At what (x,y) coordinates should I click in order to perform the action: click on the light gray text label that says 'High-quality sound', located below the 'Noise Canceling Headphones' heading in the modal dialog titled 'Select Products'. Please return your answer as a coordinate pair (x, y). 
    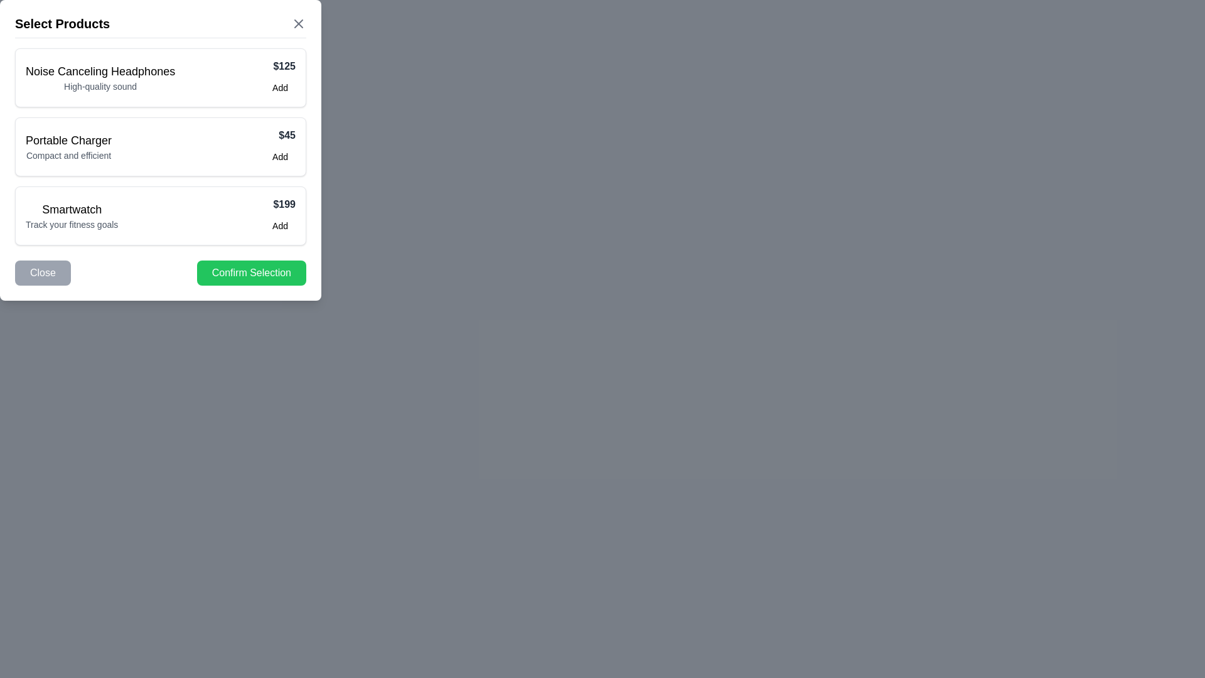
    Looking at the image, I should click on (100, 86).